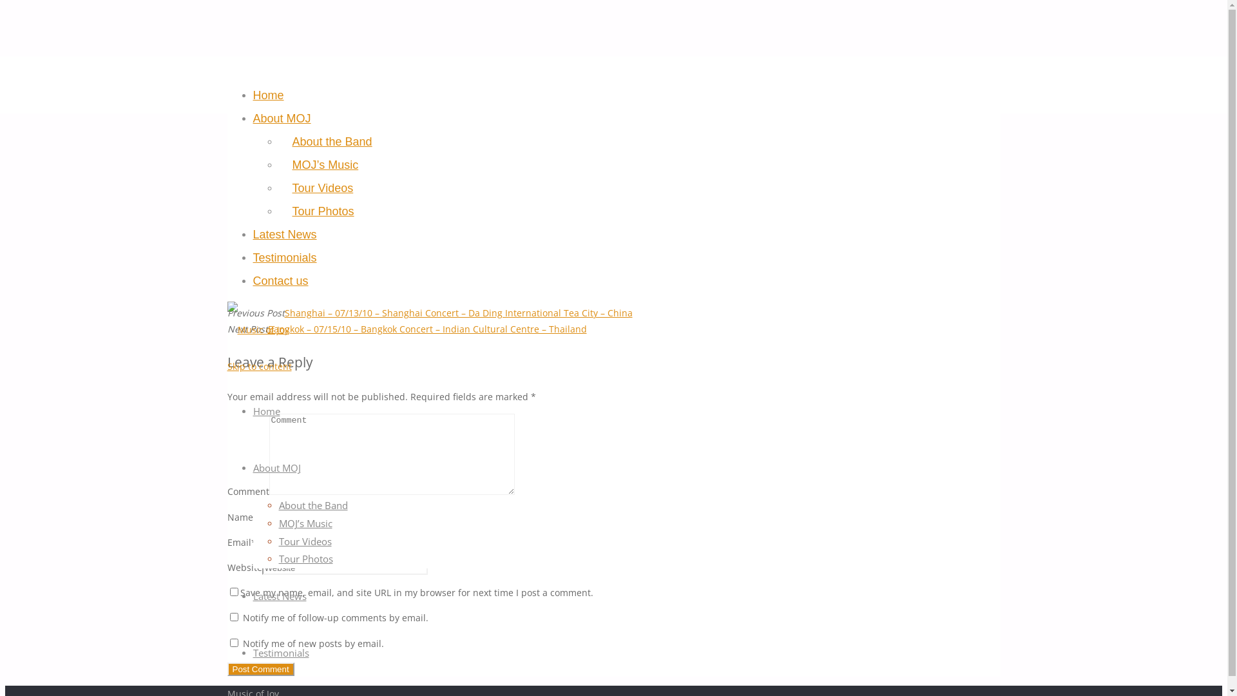 This screenshot has height=696, width=1237. Describe the element at coordinates (280, 653) in the screenshot. I see `'Testimonials'` at that location.